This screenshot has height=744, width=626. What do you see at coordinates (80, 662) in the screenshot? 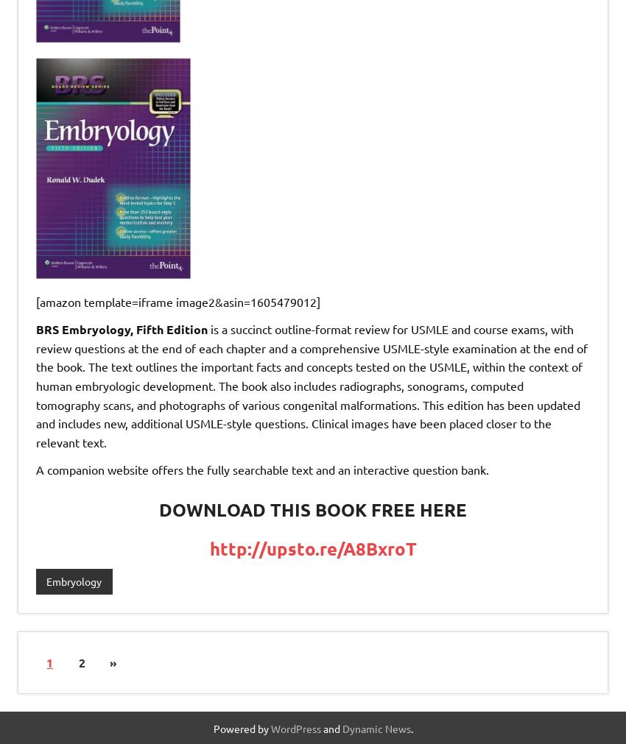
I see `'2'` at bounding box center [80, 662].